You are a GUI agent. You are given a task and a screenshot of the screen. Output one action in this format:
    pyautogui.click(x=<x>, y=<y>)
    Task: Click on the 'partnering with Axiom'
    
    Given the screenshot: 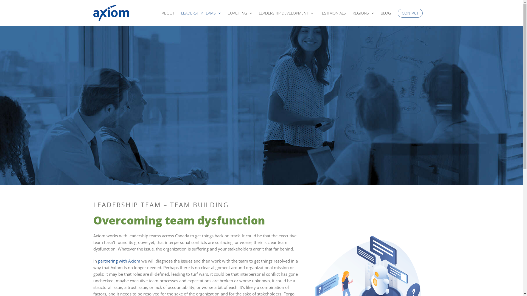 What is the action you would take?
    pyautogui.click(x=119, y=261)
    